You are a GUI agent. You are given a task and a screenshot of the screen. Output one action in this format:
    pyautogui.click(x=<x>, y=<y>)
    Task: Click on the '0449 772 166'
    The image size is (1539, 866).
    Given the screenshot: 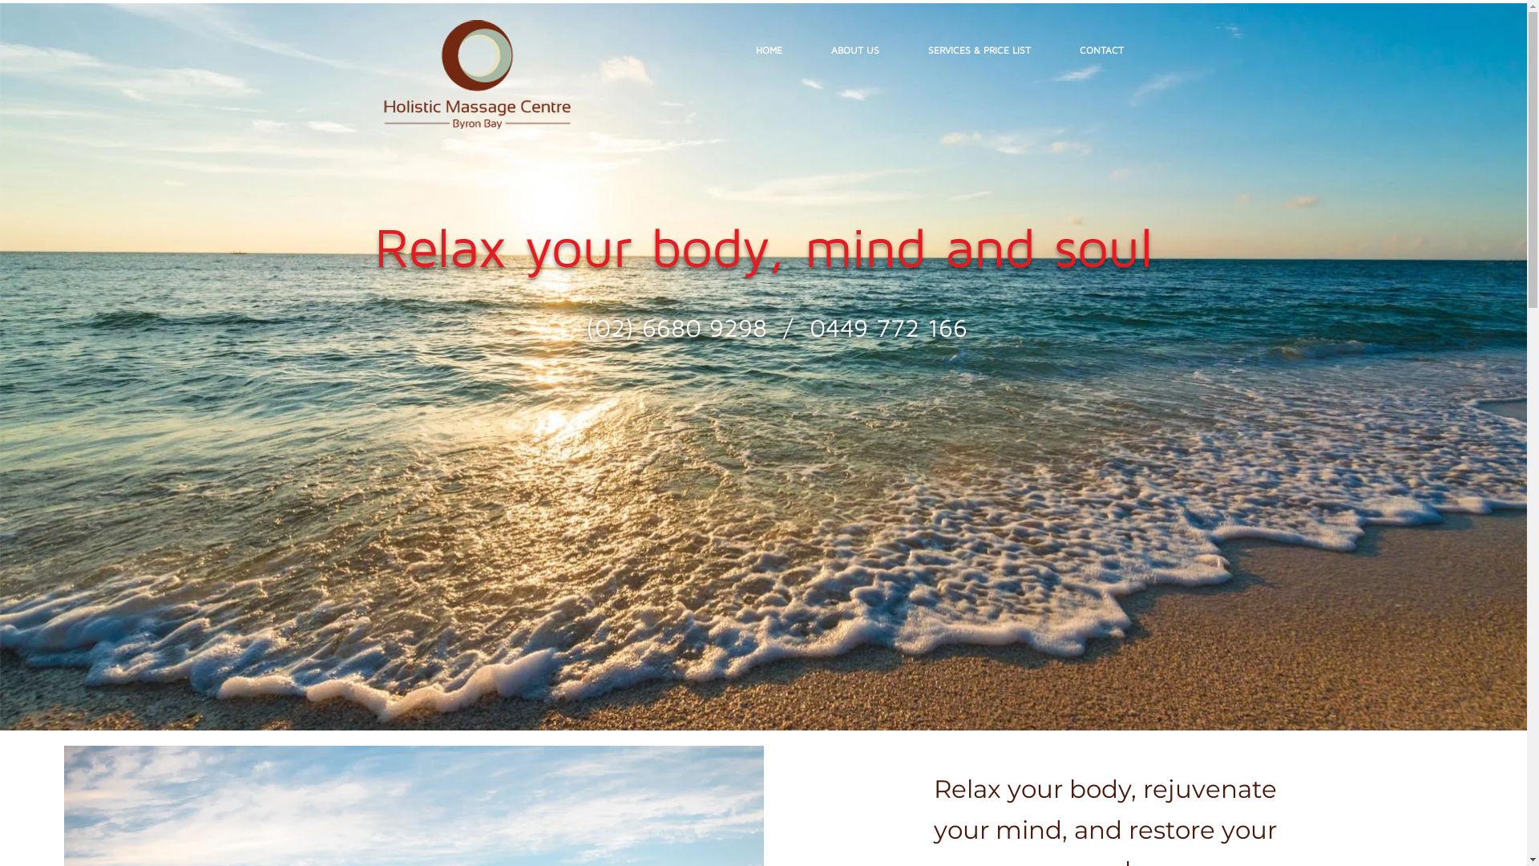 What is the action you would take?
    pyautogui.click(x=887, y=326)
    